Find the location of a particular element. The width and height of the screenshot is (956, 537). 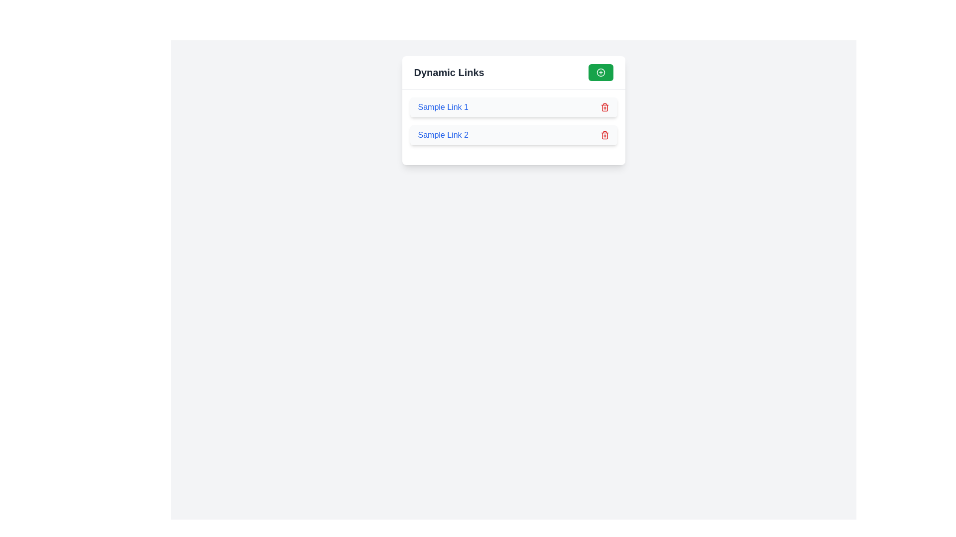

the circular green icon with a white '+' symbol located near the top-right corner of the 'Dynamic Links' panel is located at coordinates (600, 72).